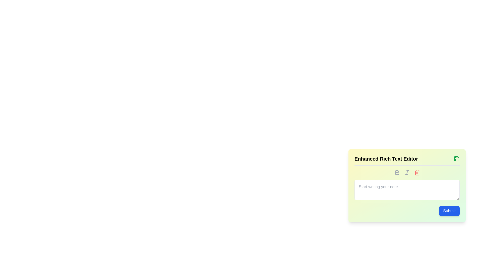 The image size is (482, 271). What do you see at coordinates (386, 159) in the screenshot?
I see `the text label located at the top-left portion of the toolbar, which serves as a title or heading for the section below, adjacent to a green icon` at bounding box center [386, 159].